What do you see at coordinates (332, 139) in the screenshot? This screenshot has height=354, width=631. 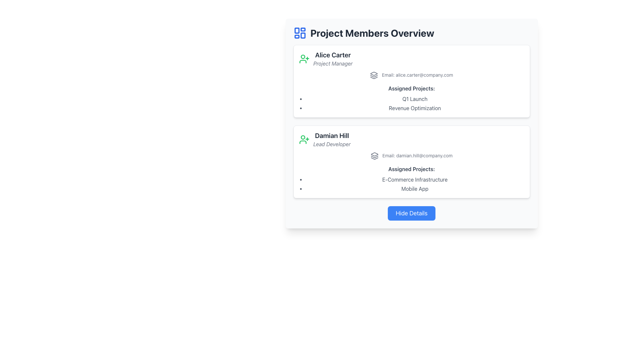 I see `content displayed in the text area showing 'Damian Hill' and his role as 'Lead Developer' in the project members list` at bounding box center [332, 139].